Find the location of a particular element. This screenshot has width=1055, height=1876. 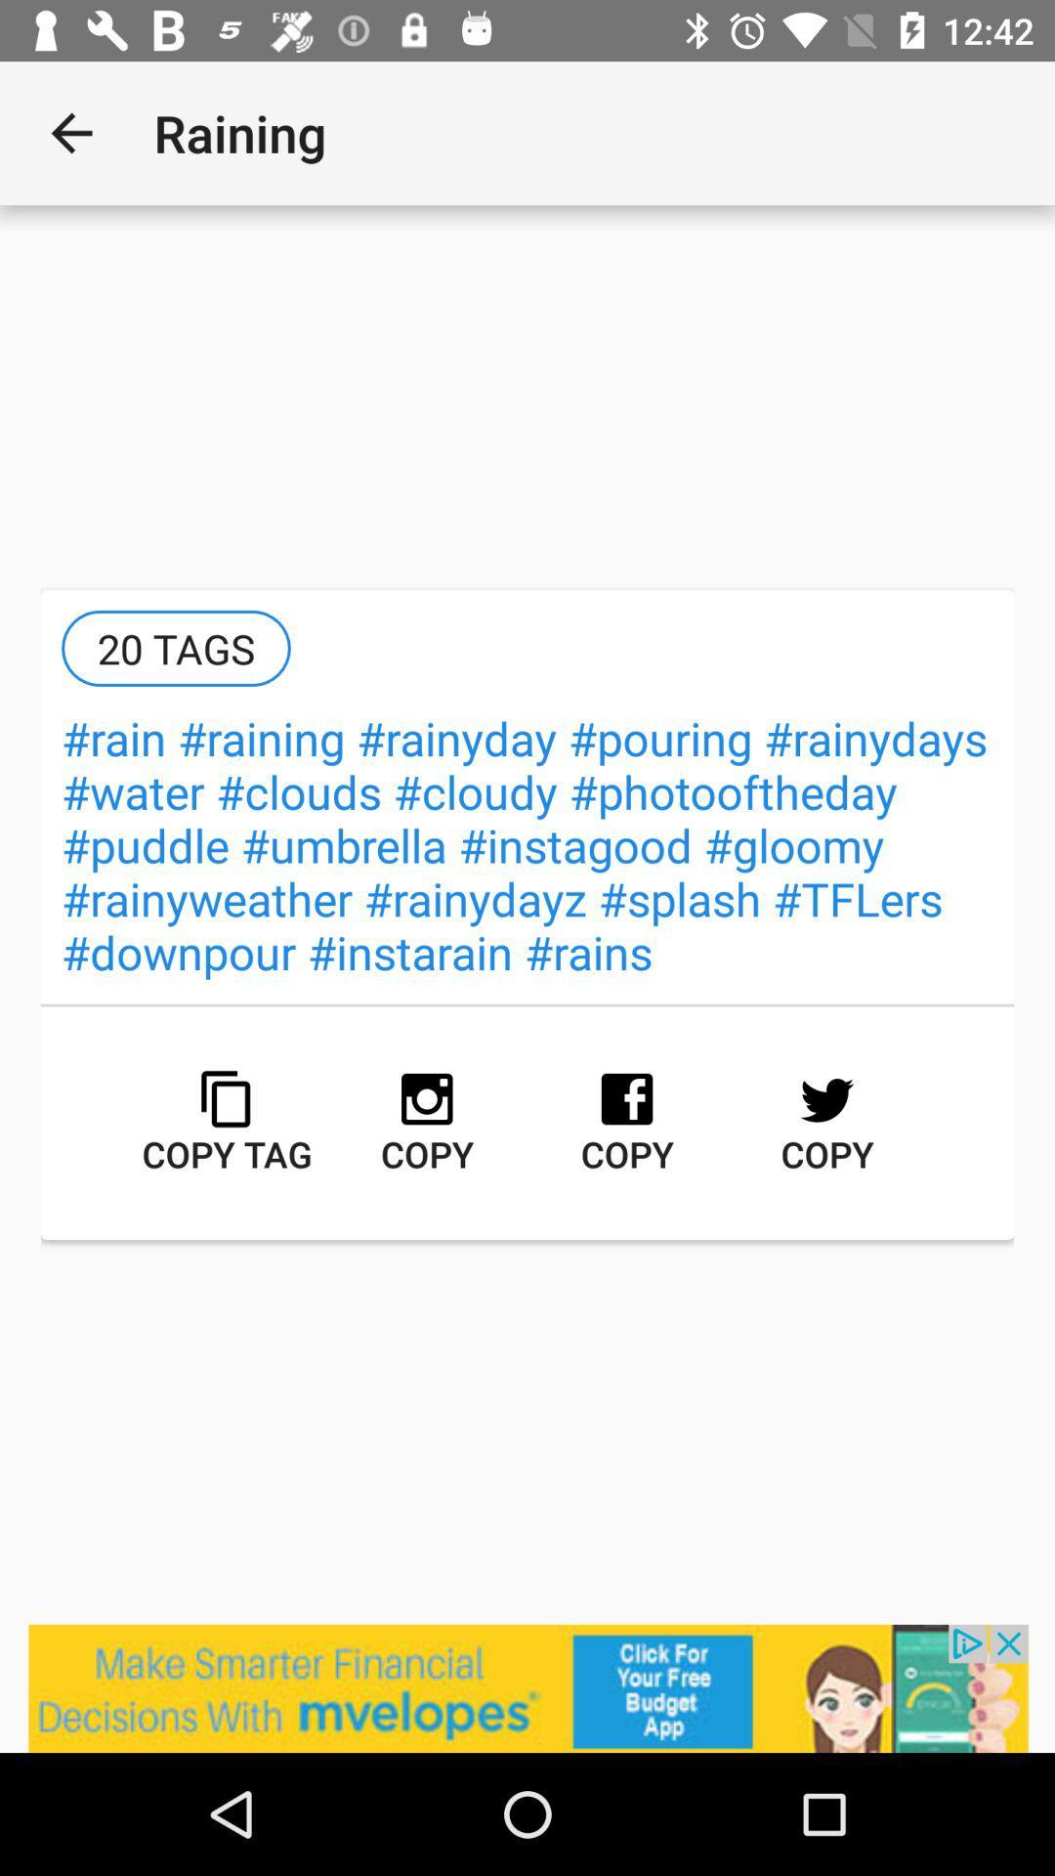

the advertisement is located at coordinates (527, 1687).